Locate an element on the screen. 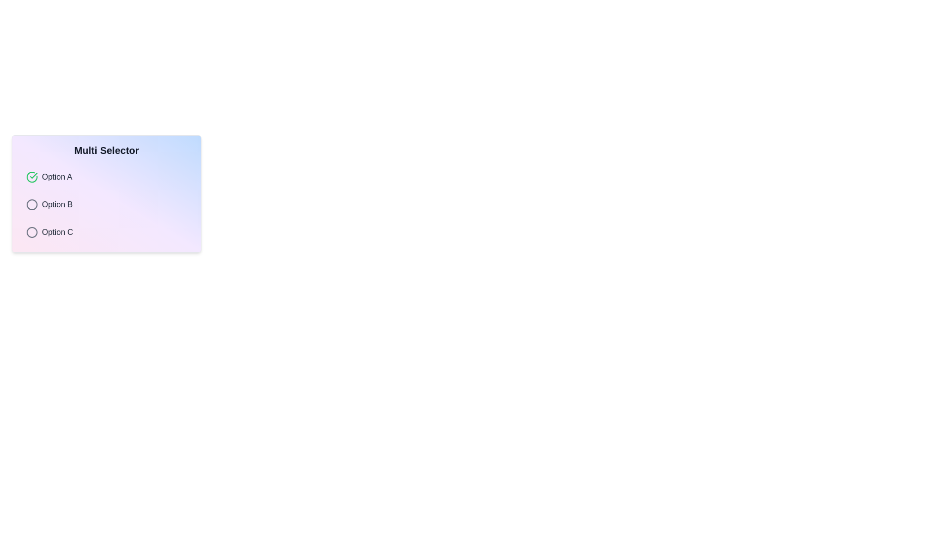 The width and height of the screenshot is (948, 533). the option Option C from the list is located at coordinates (107, 232).